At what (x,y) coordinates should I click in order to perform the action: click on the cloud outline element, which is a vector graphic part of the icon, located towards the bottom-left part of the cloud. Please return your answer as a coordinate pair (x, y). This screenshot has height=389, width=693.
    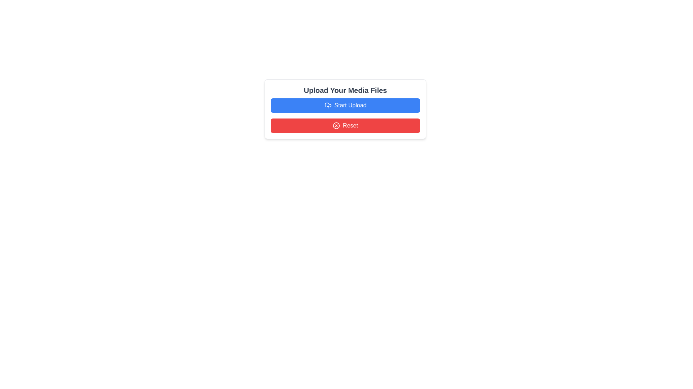
    Looking at the image, I should click on (327, 105).